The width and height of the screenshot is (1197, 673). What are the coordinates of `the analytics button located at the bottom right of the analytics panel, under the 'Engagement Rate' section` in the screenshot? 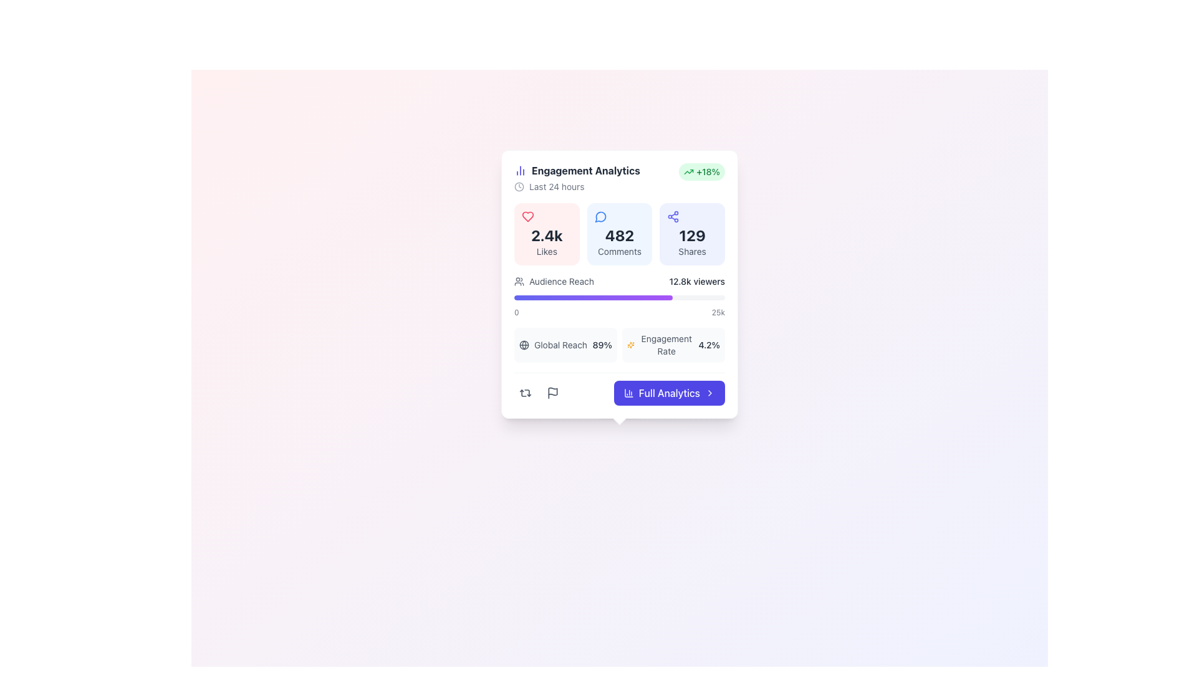 It's located at (619, 388).